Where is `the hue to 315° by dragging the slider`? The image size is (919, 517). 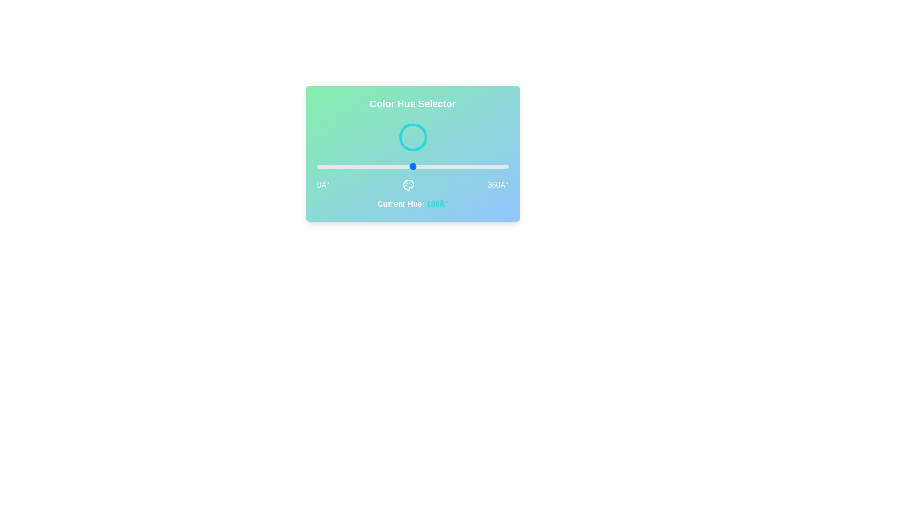 the hue to 315° by dragging the slider is located at coordinates (484, 166).